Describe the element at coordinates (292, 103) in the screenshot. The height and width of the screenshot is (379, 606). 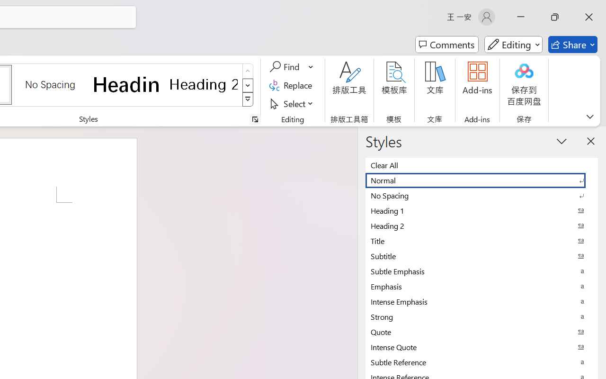
I see `'Select'` at that location.